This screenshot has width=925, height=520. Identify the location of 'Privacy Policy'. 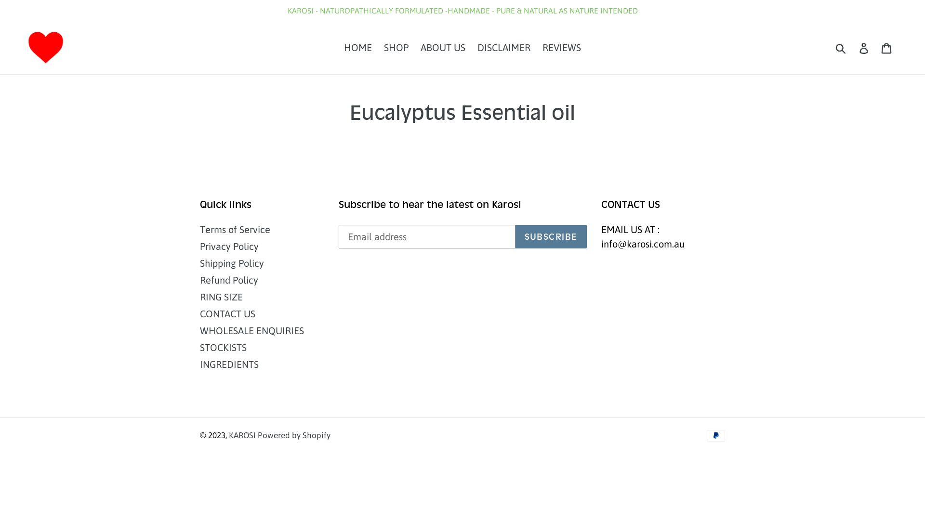
(228, 246).